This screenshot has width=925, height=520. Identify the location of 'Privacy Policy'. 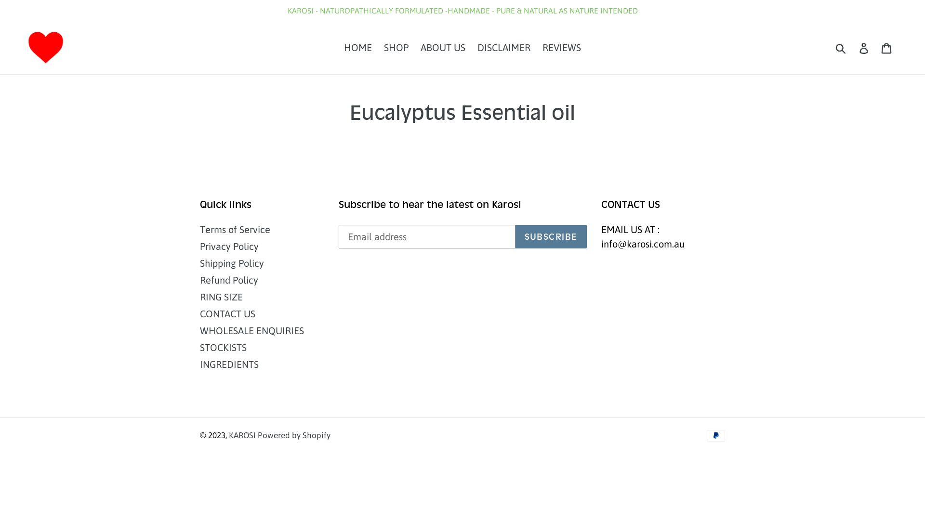
(228, 246).